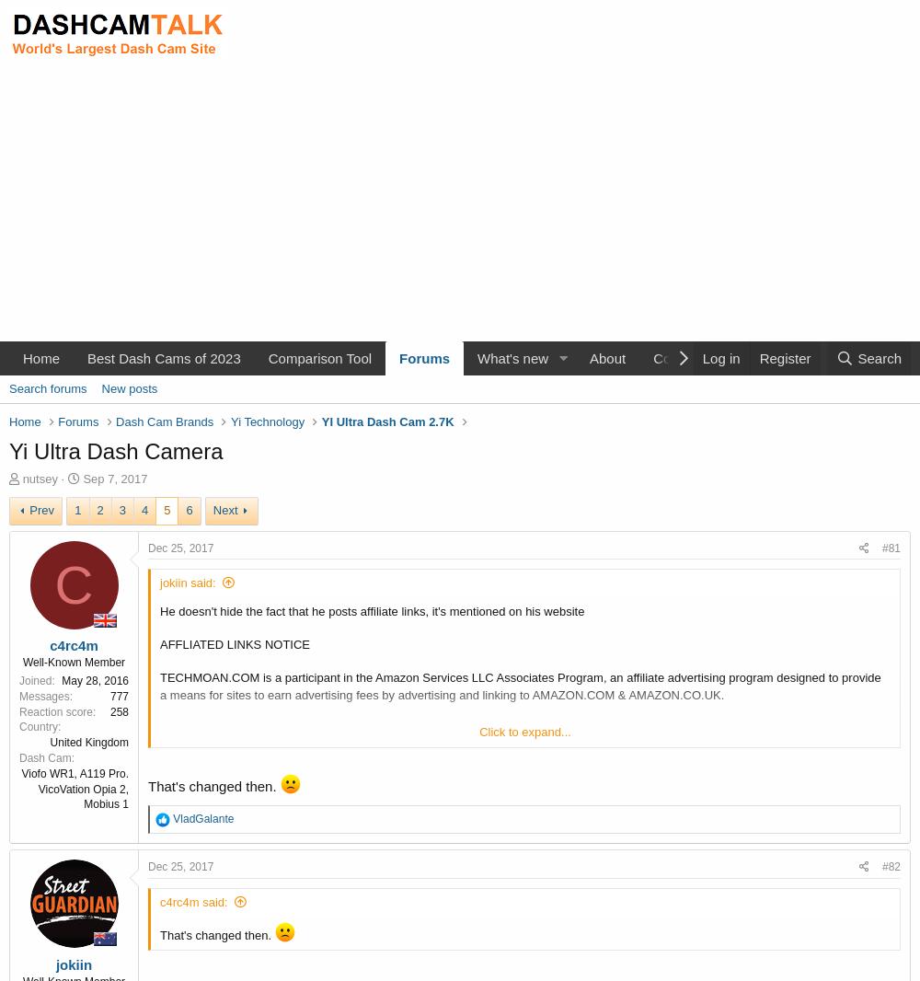  Describe the element at coordinates (720, 358) in the screenshot. I see `'Log in'` at that location.